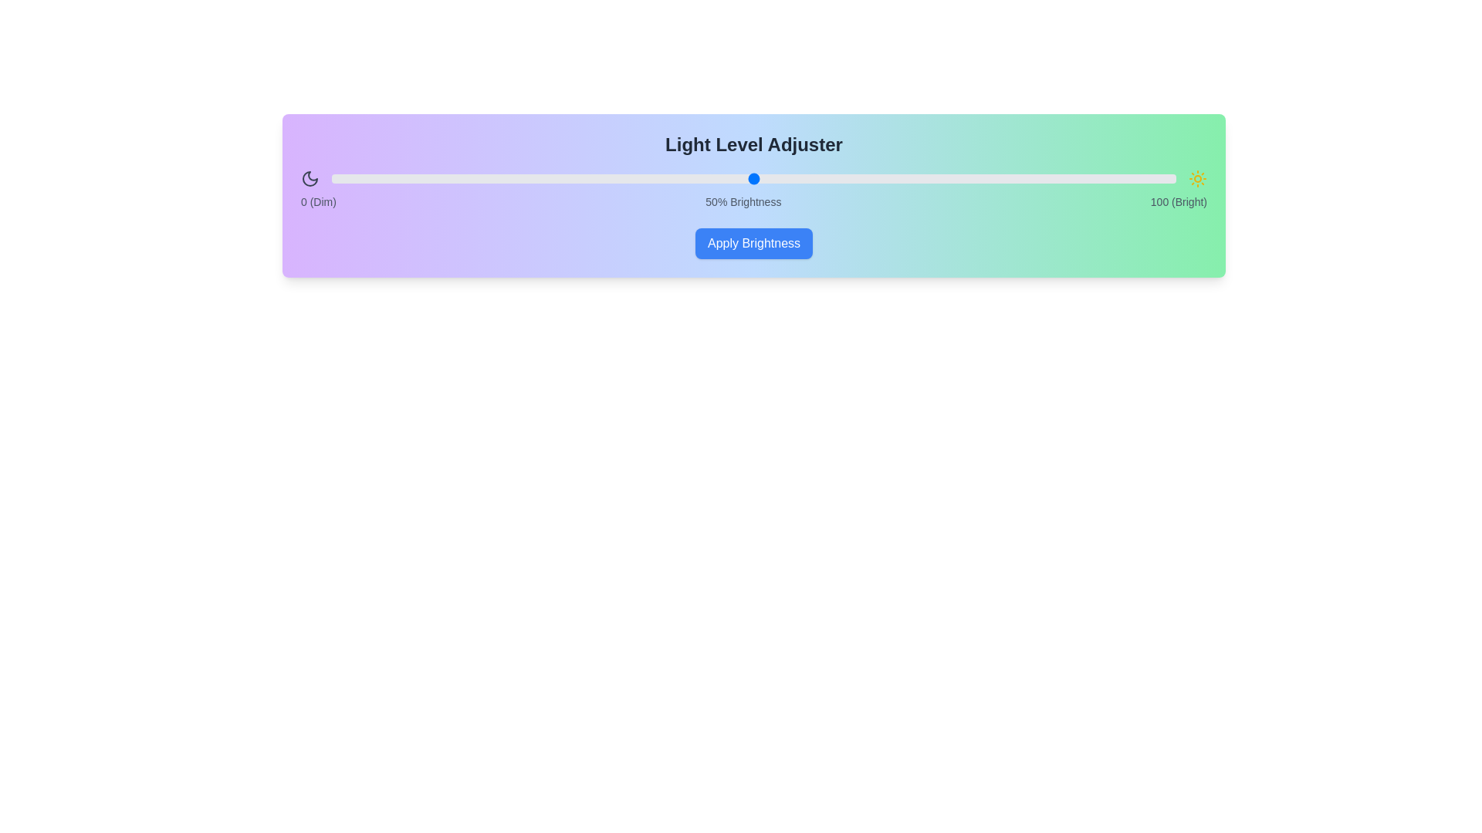 This screenshot has height=833, width=1482. What do you see at coordinates (964, 177) in the screenshot?
I see `the brightness slider to 75%` at bounding box center [964, 177].